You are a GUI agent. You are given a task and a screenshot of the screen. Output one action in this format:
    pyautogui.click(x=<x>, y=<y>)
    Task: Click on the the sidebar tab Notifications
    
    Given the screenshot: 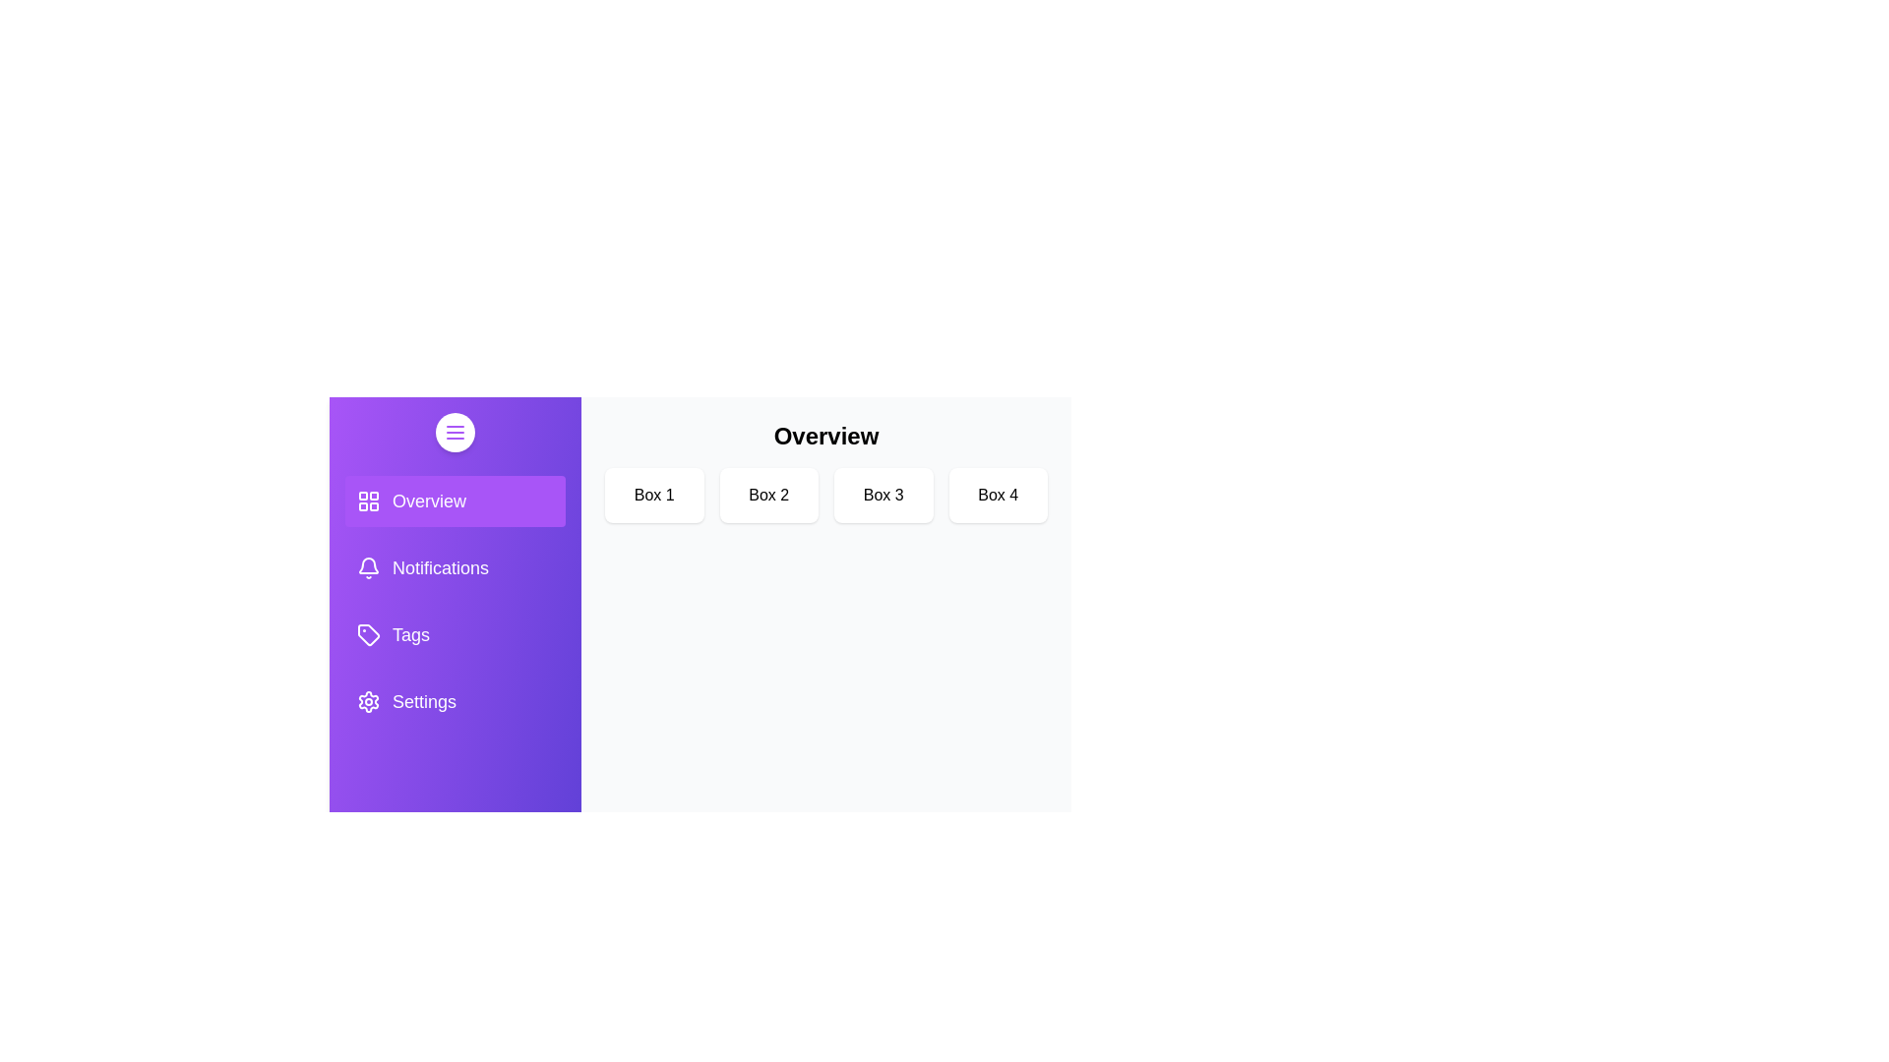 What is the action you would take?
    pyautogui.click(x=454, y=568)
    